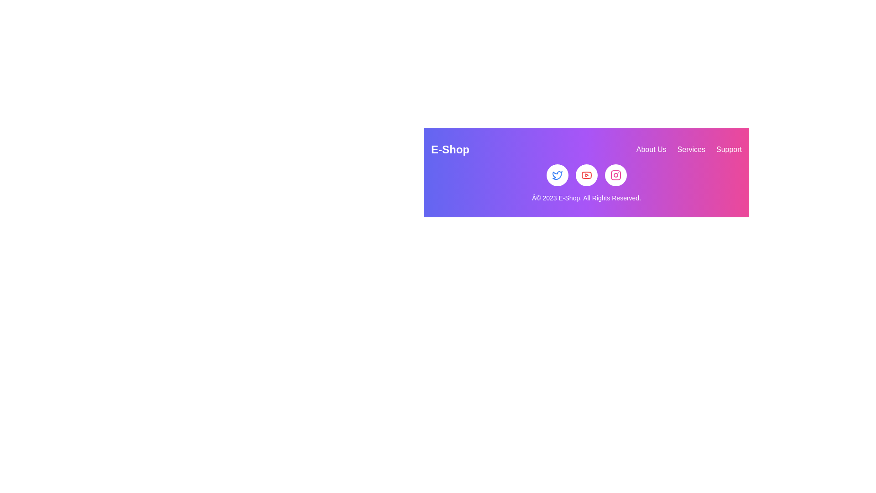 This screenshot has width=876, height=493. Describe the element at coordinates (615, 175) in the screenshot. I see `the rightmost circular icon in the bottom part of the header section to visit the Instagram page` at that location.